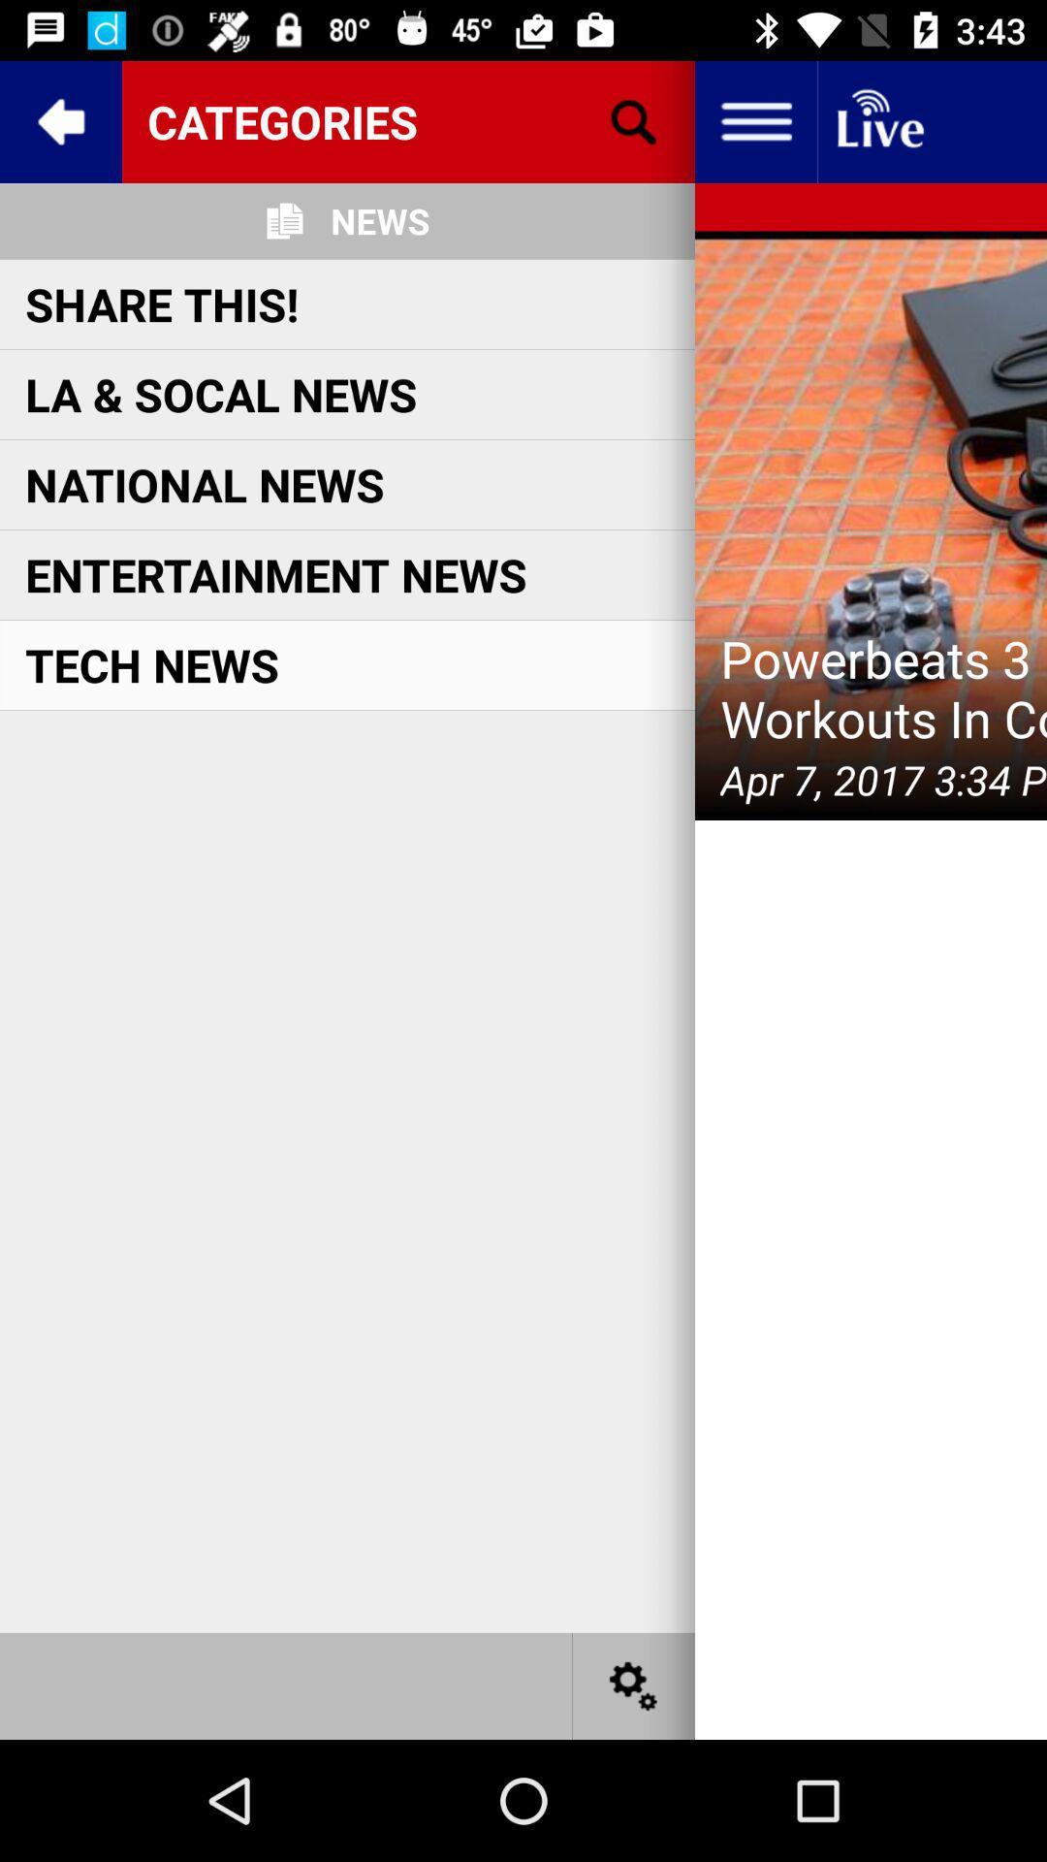 The height and width of the screenshot is (1862, 1047). What do you see at coordinates (754, 120) in the screenshot?
I see `the menu icon` at bounding box center [754, 120].